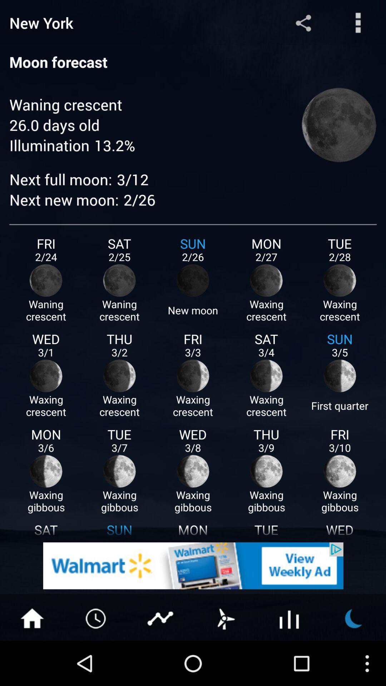 The height and width of the screenshot is (686, 386). Describe the element at coordinates (289, 617) in the screenshot. I see `apps` at that location.